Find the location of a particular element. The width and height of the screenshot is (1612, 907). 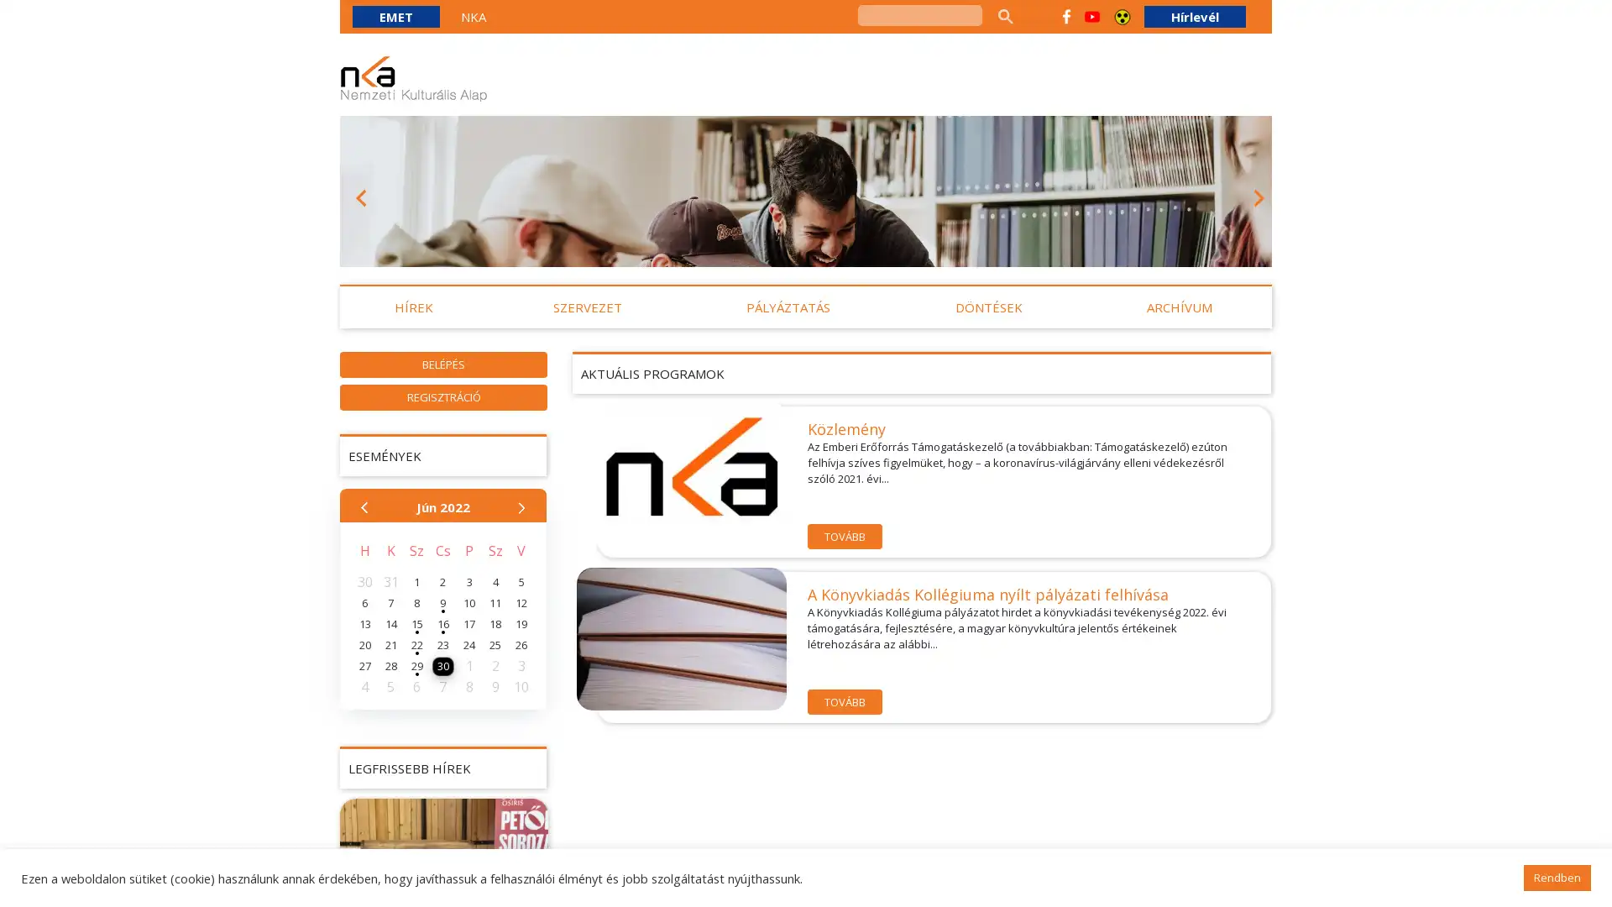

ARCHIVUM is located at coordinates (1179, 307).